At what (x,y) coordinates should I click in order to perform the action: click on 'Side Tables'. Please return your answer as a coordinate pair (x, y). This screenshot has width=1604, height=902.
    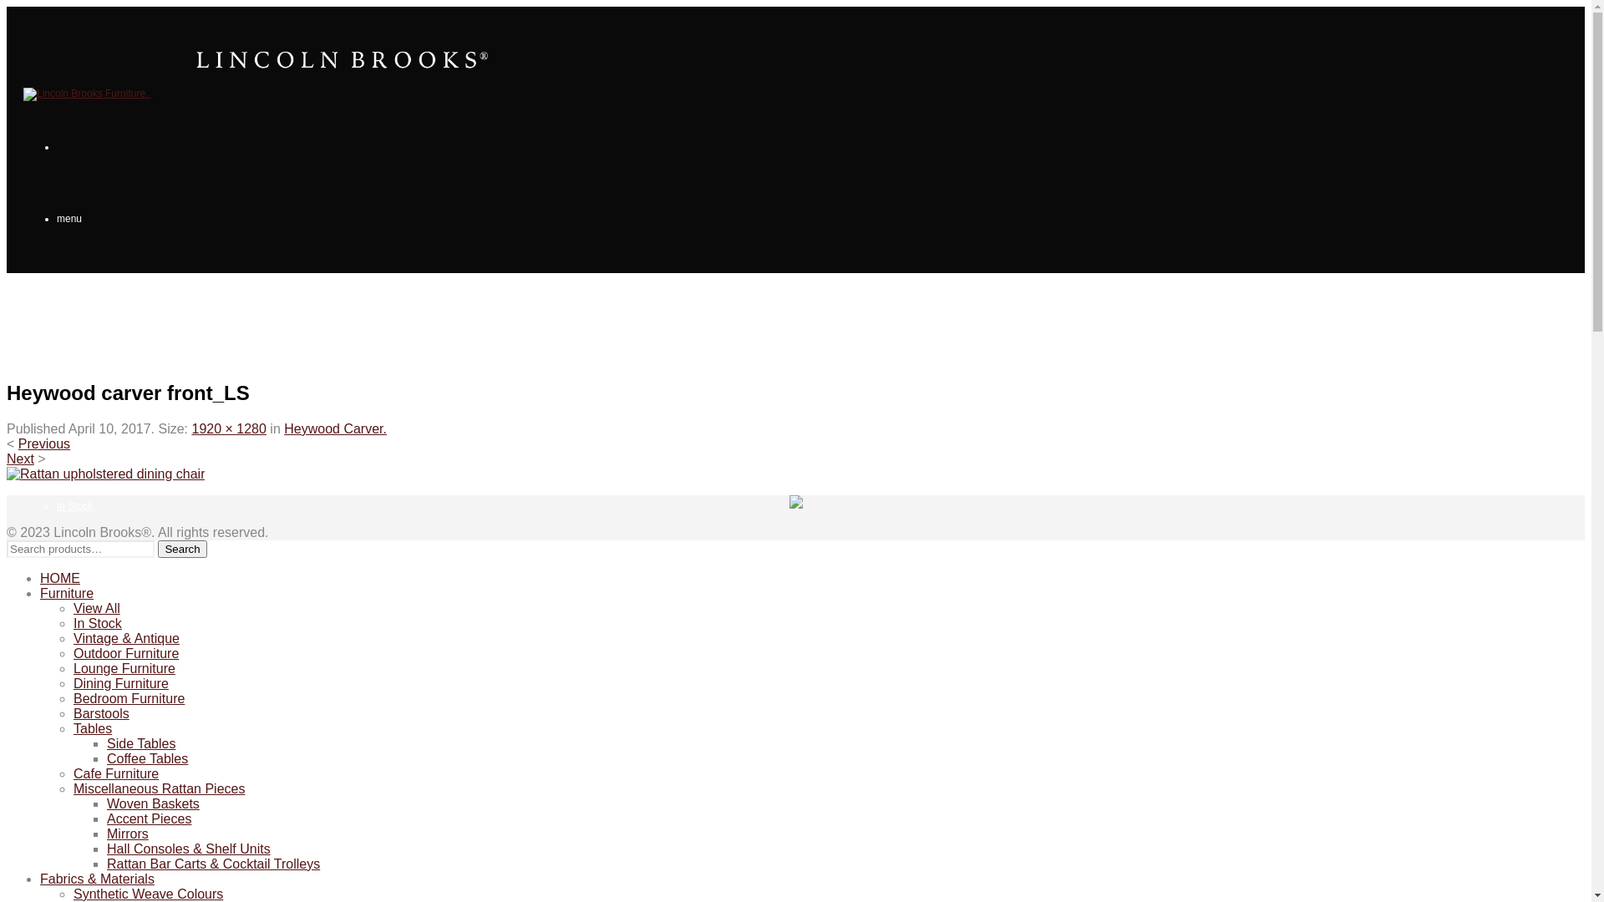
    Looking at the image, I should click on (140, 742).